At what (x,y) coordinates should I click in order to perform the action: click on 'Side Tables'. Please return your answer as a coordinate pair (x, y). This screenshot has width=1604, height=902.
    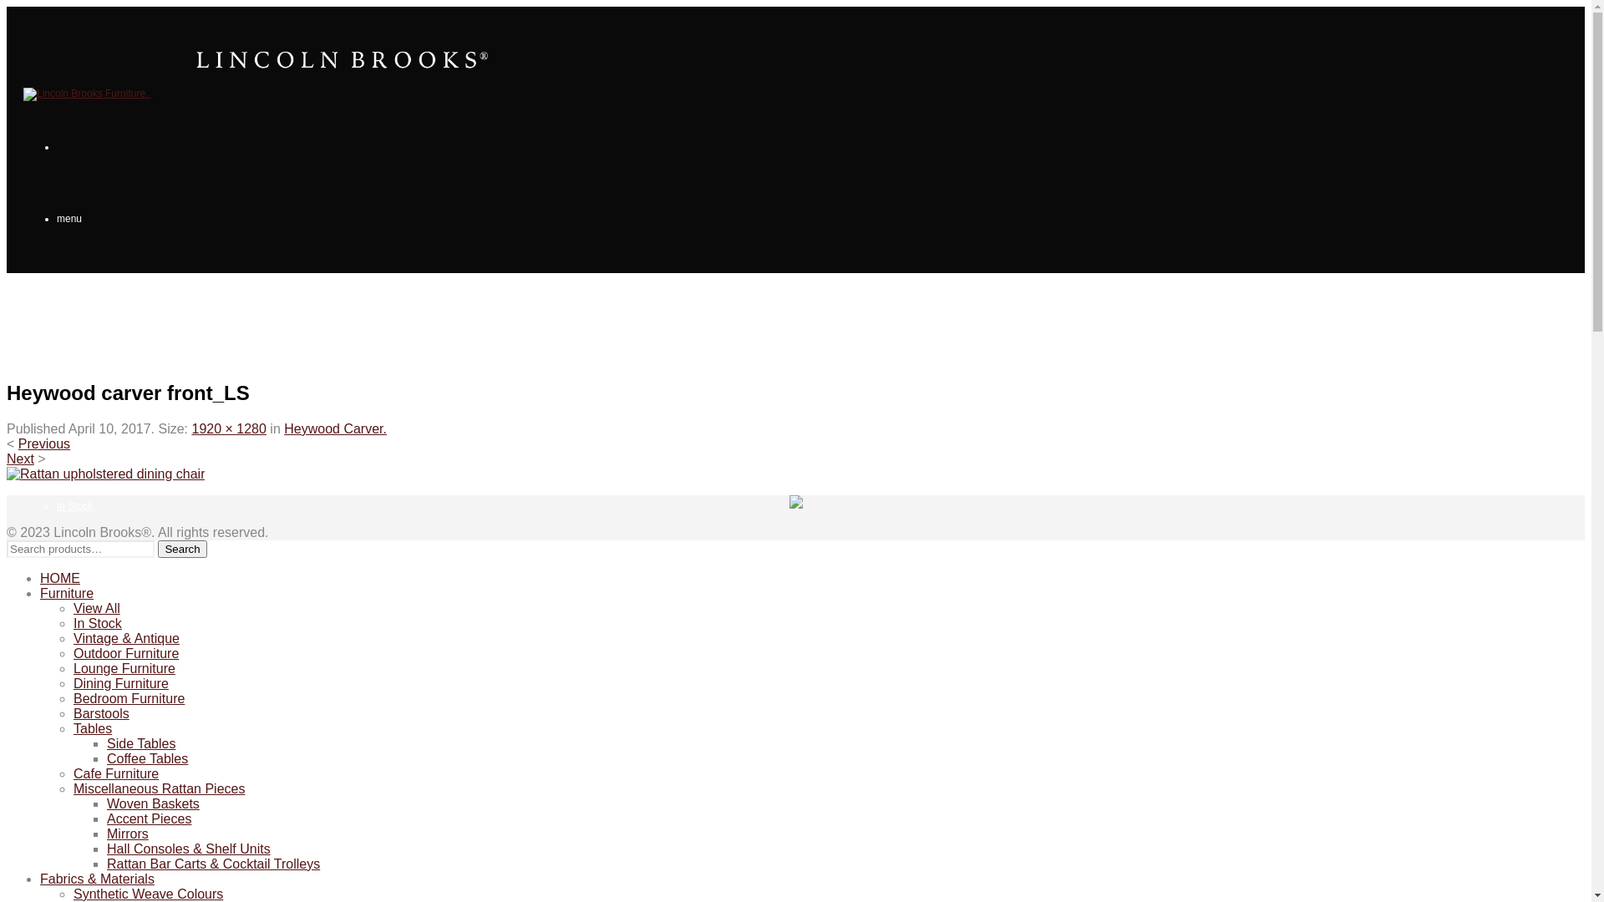
    Looking at the image, I should click on (140, 742).